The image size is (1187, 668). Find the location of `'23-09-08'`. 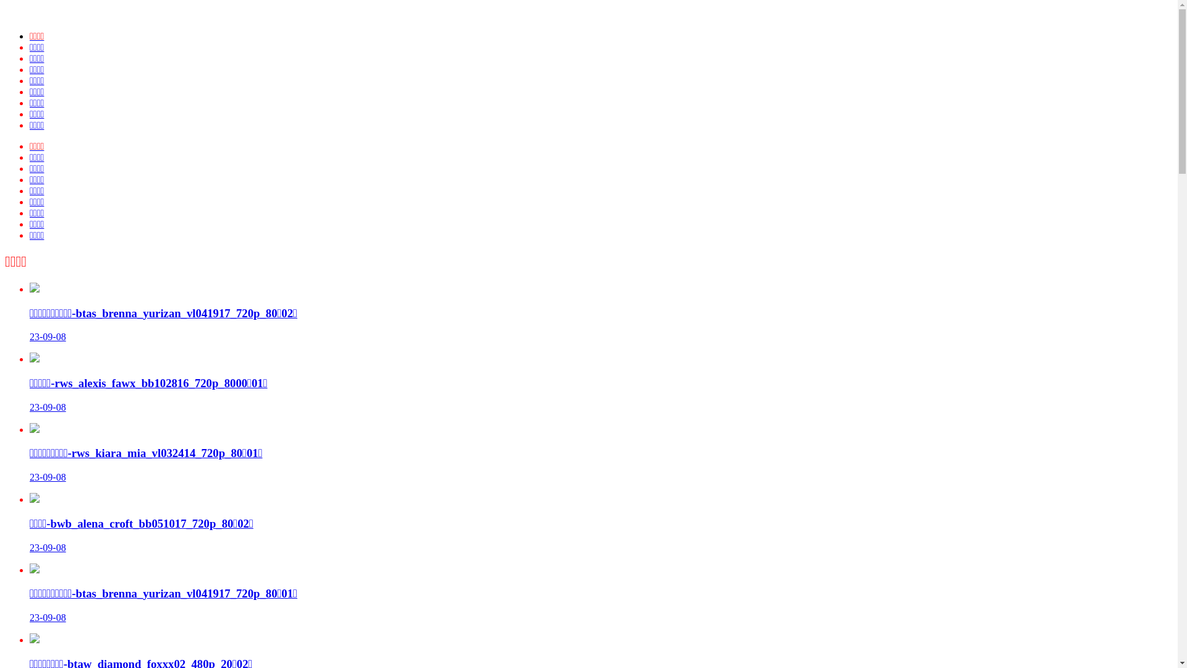

'23-09-08' is located at coordinates (48, 547).